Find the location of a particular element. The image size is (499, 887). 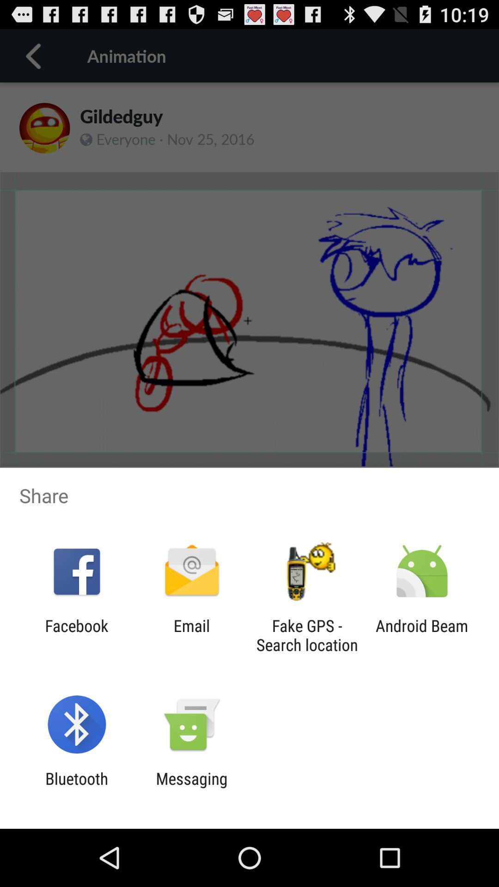

icon next to the fake gps search item is located at coordinates (191, 635).